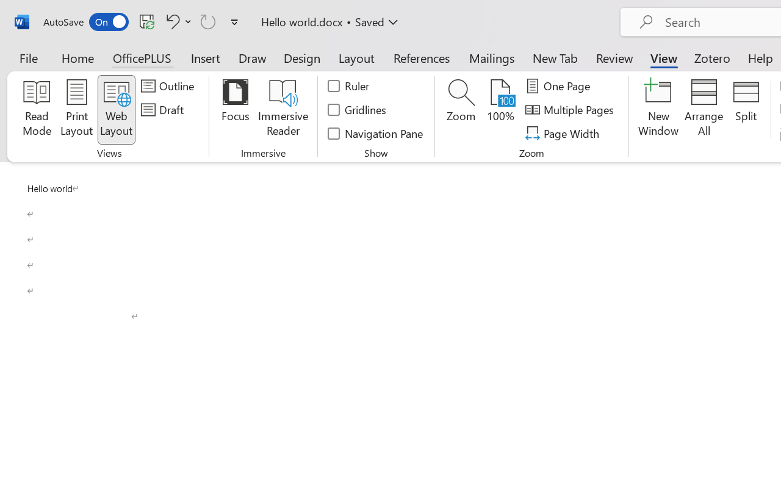 The width and height of the screenshot is (781, 488). Describe the element at coordinates (116, 109) in the screenshot. I see `'Web Layout'` at that location.